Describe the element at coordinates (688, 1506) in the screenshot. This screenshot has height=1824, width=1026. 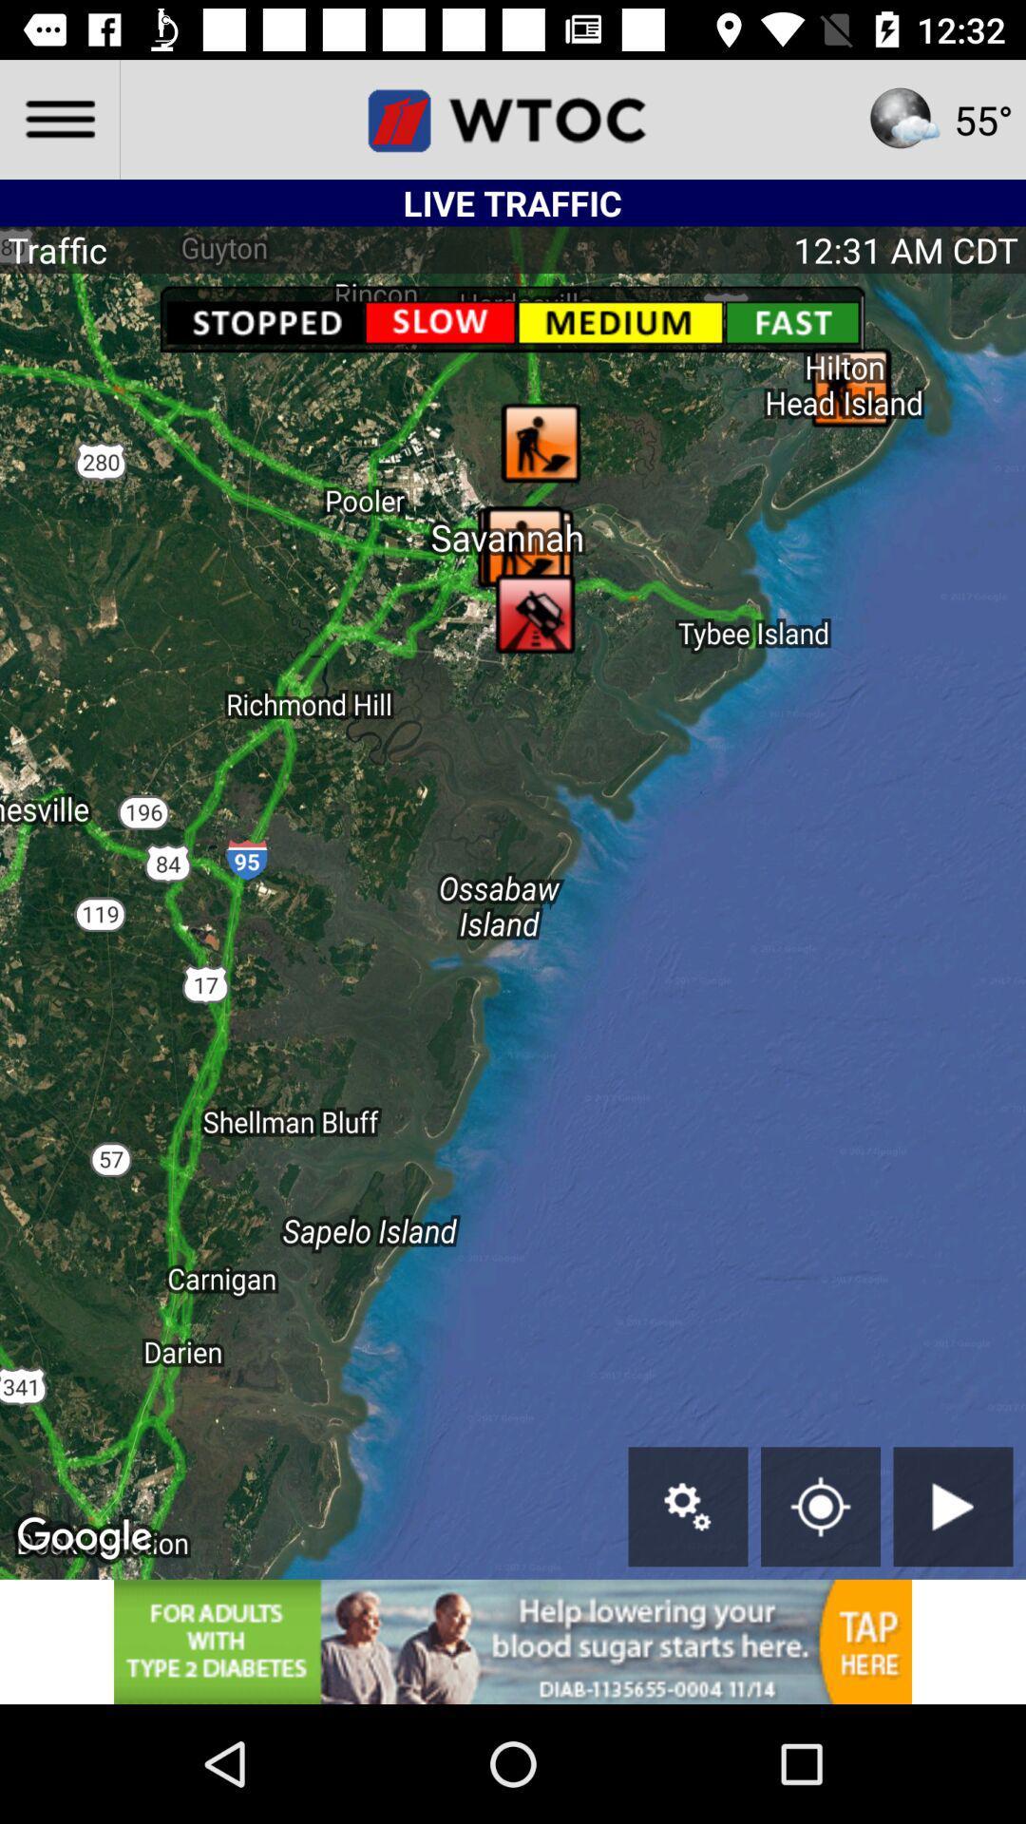
I see `the settings icon` at that location.